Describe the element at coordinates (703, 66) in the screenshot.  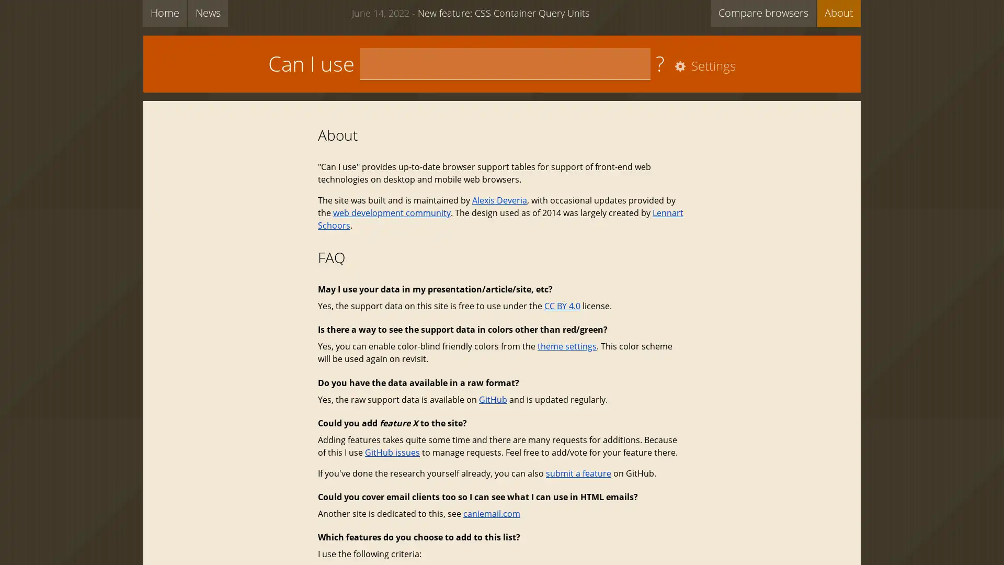
I see `Settings` at that location.